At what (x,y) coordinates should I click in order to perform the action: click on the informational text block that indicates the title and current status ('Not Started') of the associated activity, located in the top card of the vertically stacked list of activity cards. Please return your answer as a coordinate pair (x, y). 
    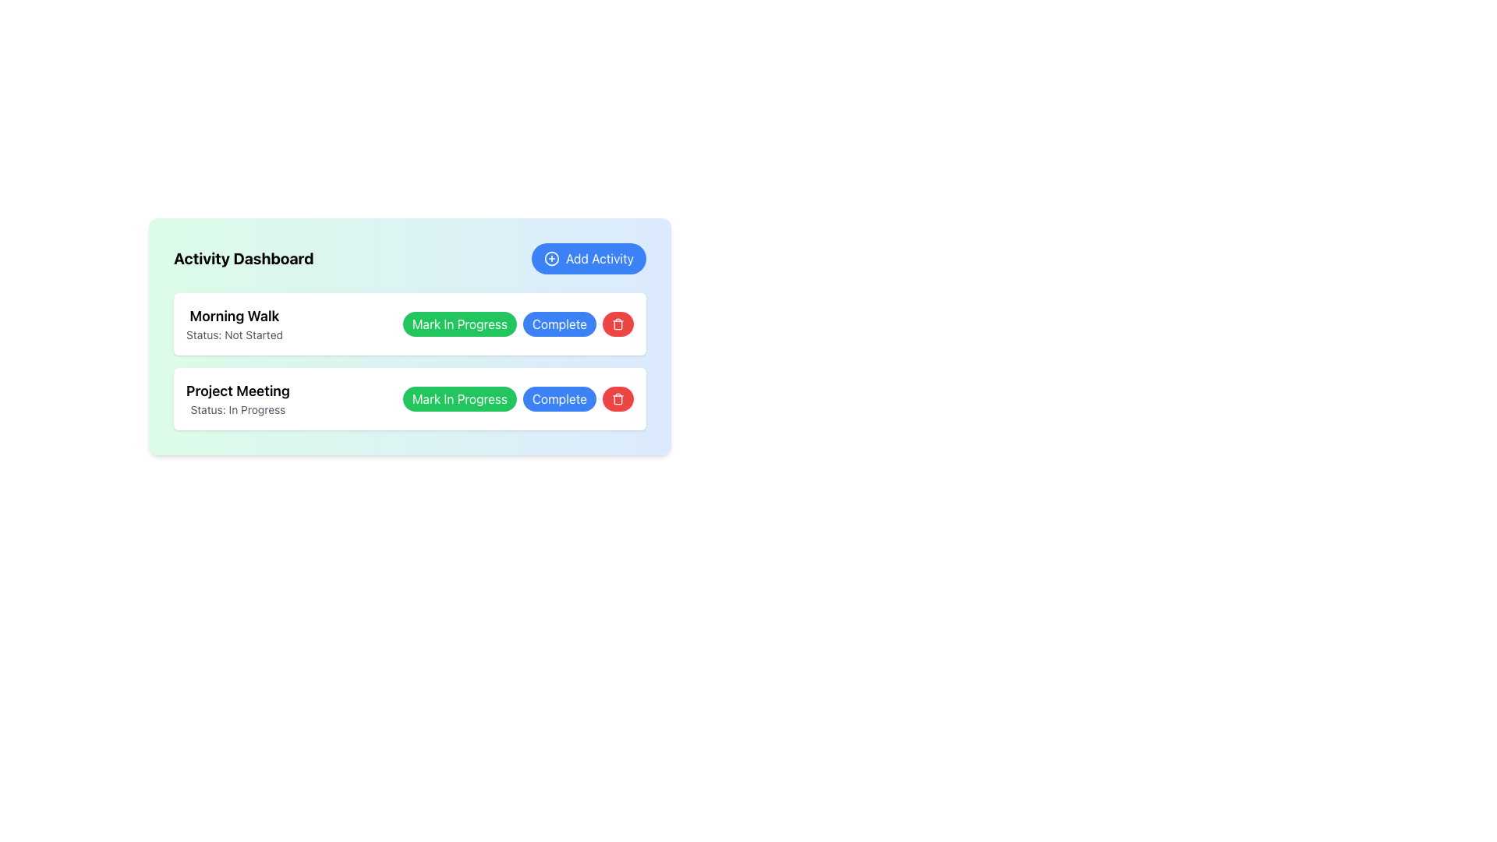
    Looking at the image, I should click on (234, 324).